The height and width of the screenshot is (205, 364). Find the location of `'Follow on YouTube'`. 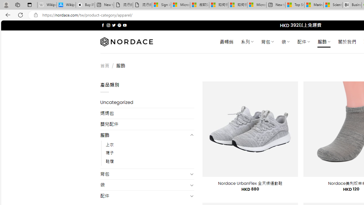

'Follow on YouTube' is located at coordinates (125, 25).